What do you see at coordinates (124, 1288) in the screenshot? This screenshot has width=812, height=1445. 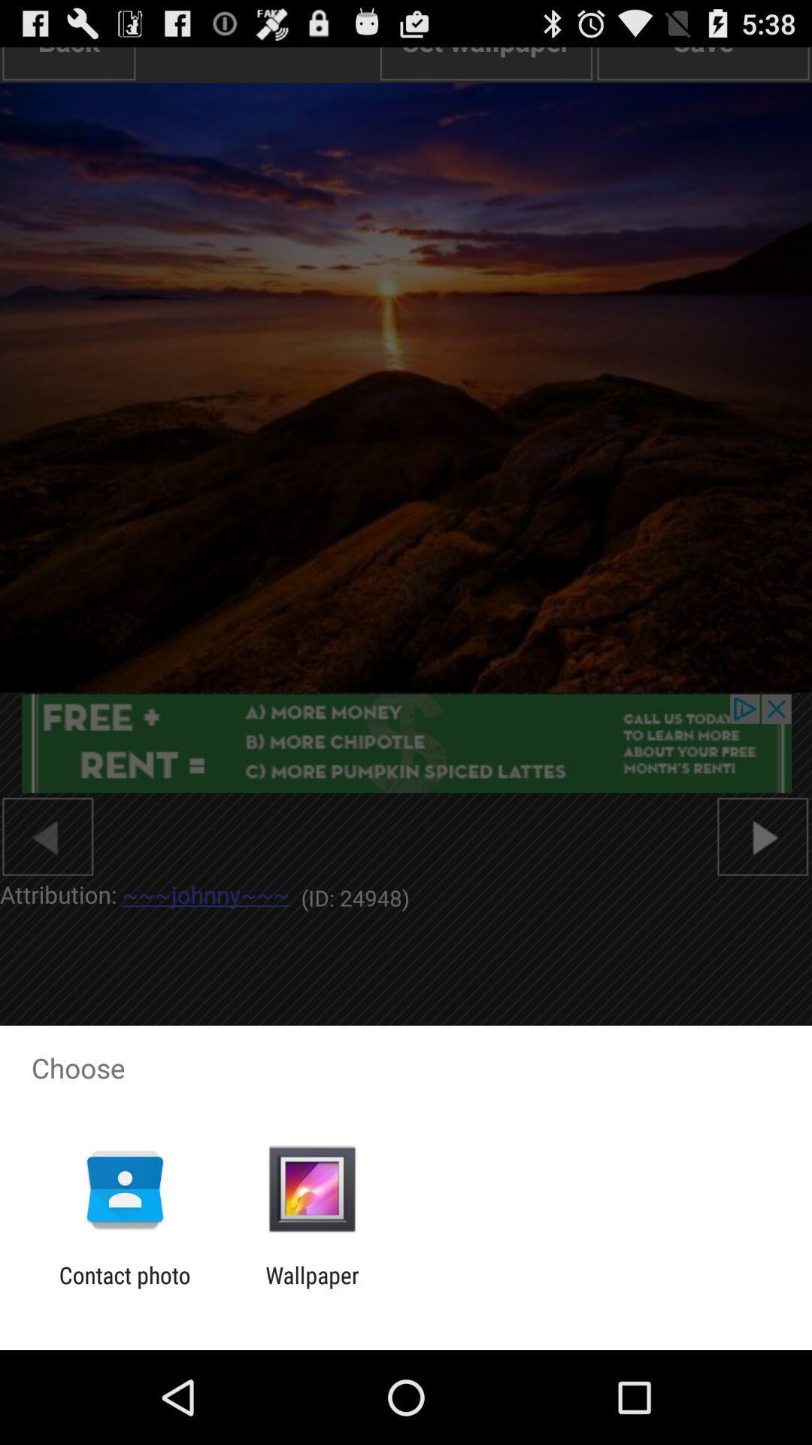 I see `the app to the left of wallpaper app` at bounding box center [124, 1288].